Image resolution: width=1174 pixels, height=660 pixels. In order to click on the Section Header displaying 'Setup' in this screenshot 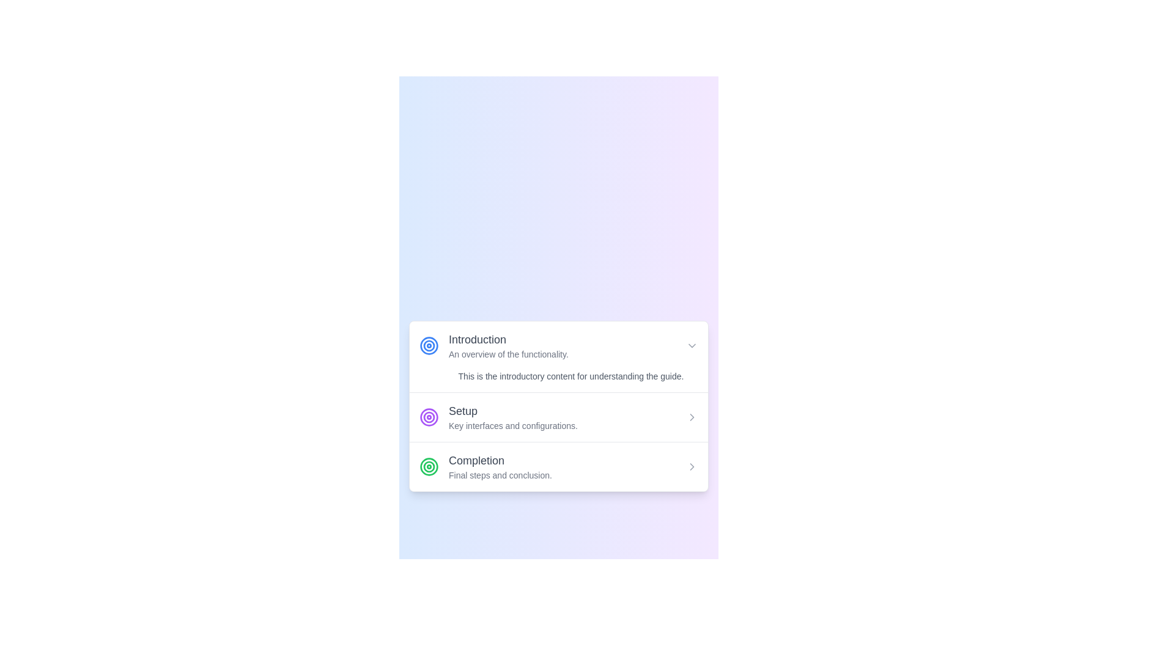, I will do `click(498, 416)`.